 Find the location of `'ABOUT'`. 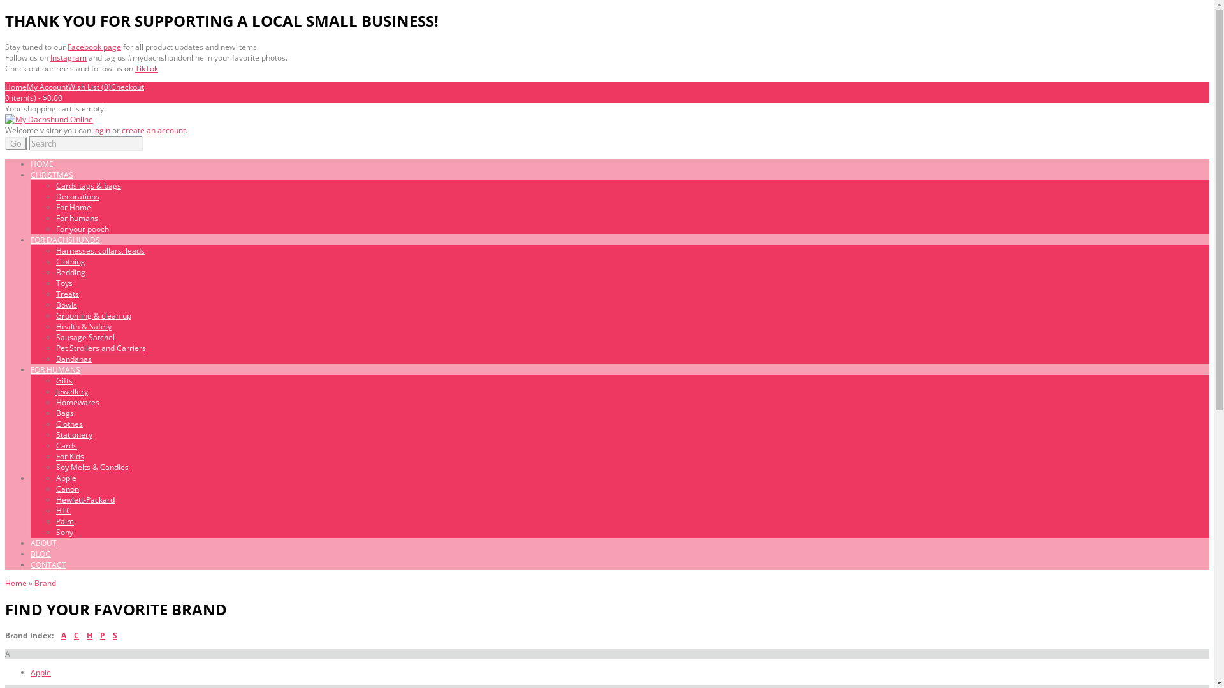

'ABOUT' is located at coordinates (43, 543).